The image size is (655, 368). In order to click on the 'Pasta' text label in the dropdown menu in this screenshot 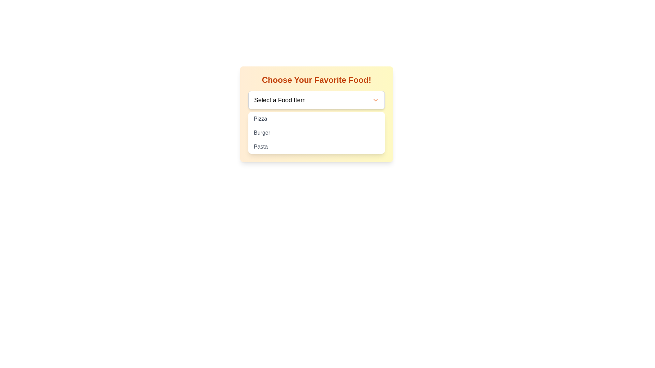, I will do `click(260, 147)`.